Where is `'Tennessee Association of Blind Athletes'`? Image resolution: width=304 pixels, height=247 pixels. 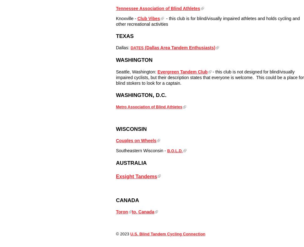 'Tennessee Association of Blind Athletes' is located at coordinates (158, 8).